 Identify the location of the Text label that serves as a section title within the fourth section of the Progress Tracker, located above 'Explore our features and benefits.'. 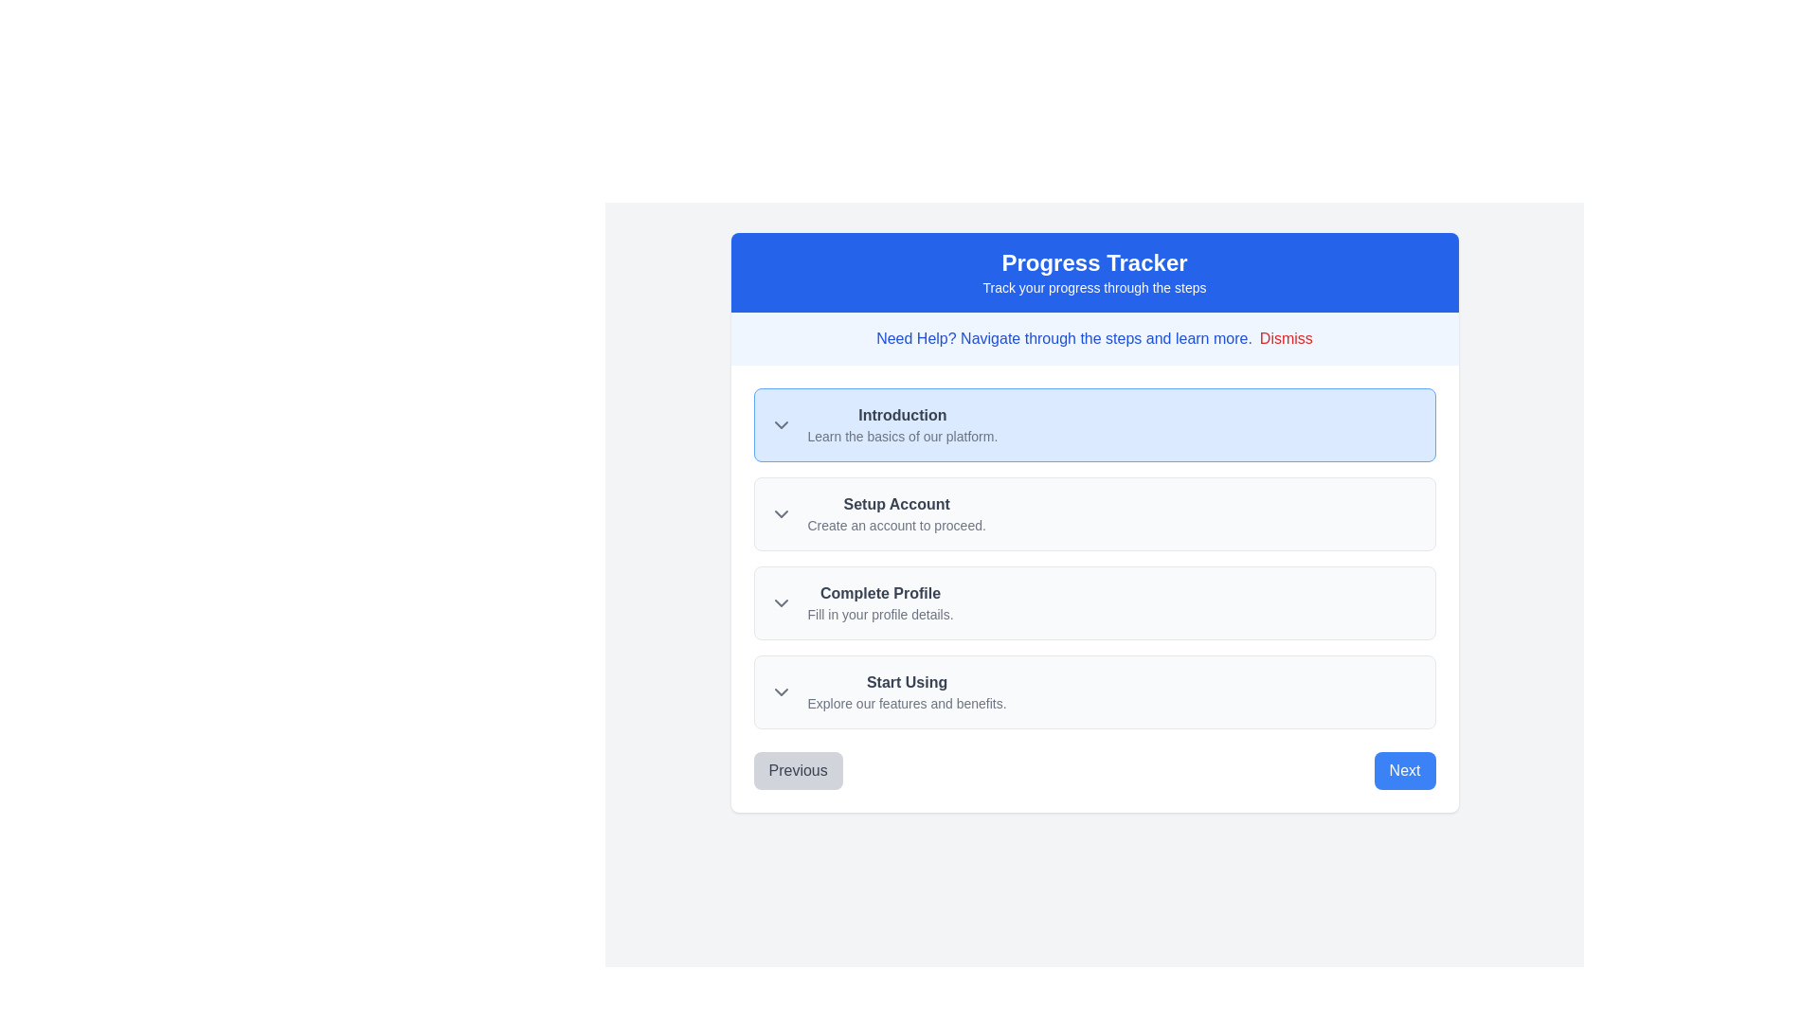
(906, 683).